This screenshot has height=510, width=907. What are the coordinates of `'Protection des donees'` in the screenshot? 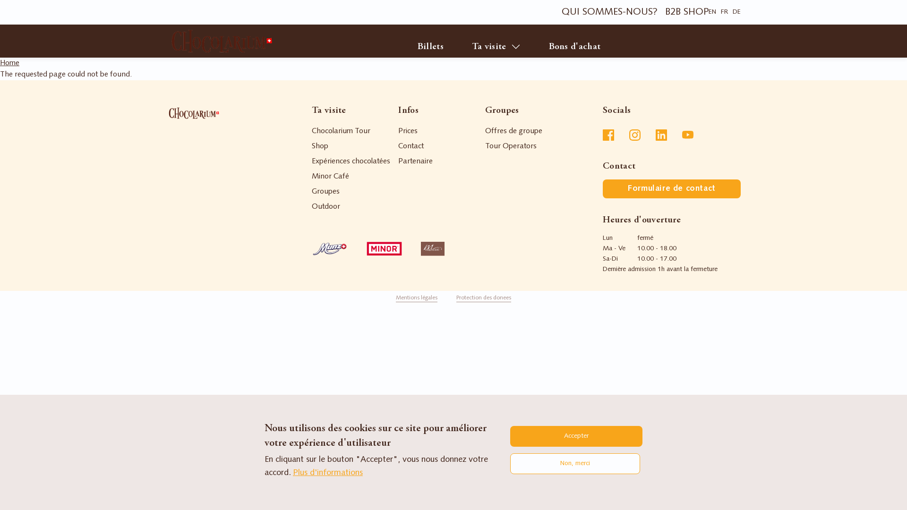 It's located at (483, 298).